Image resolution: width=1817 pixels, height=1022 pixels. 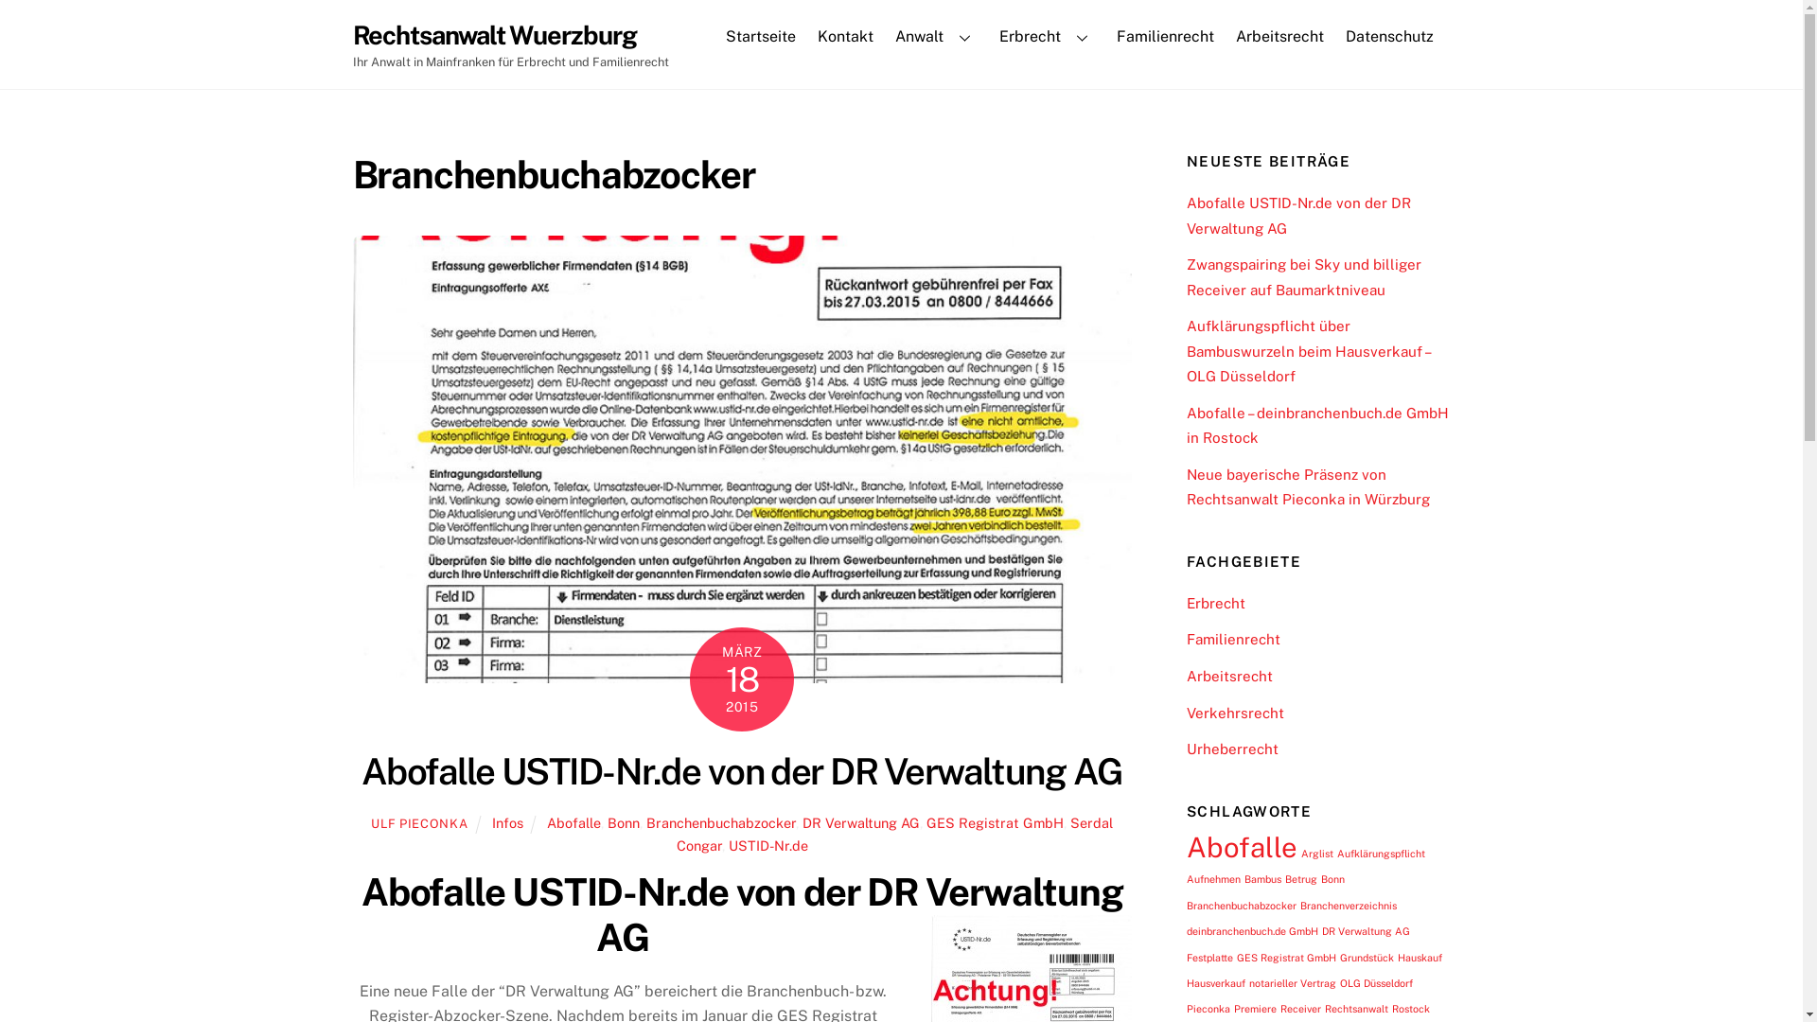 I want to click on 'ULF PIECONKA', so click(x=417, y=822).